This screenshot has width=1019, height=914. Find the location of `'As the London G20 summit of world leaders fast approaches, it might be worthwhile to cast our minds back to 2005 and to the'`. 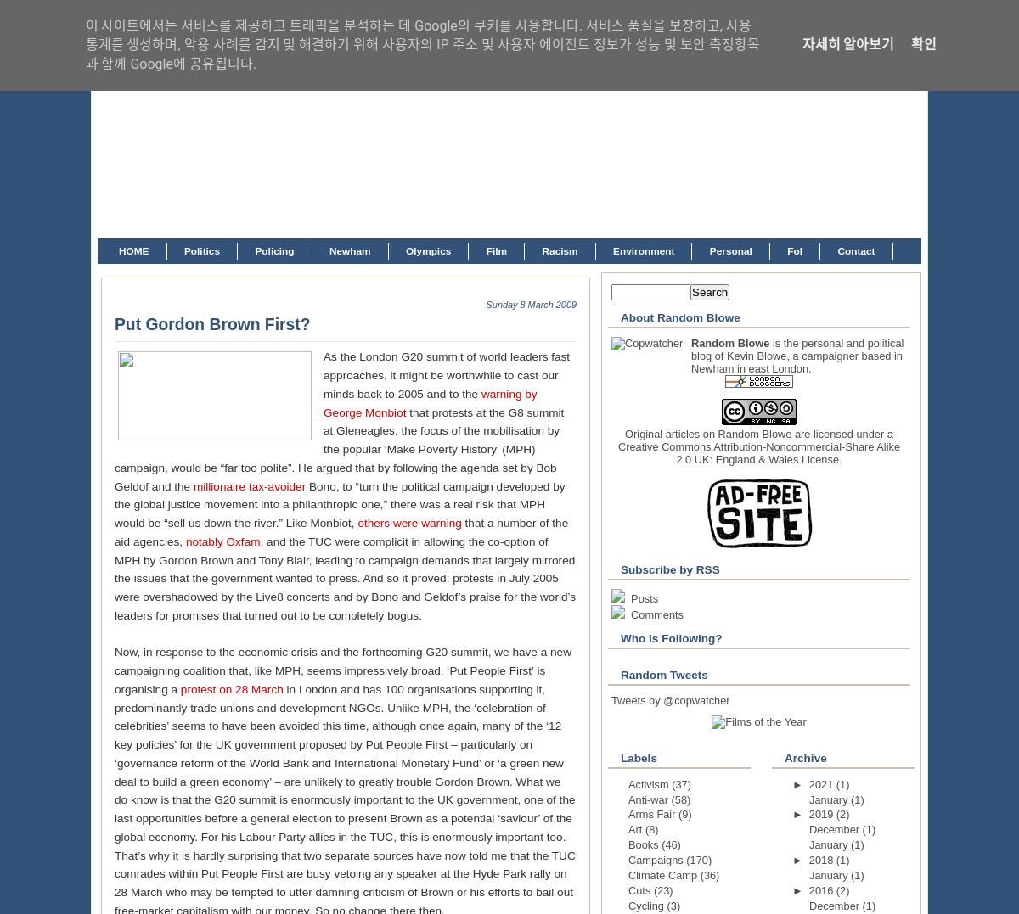

'As the London G20 summit of world leaders fast approaches, it might be worthwhile to cast our minds back to 2005 and to the' is located at coordinates (445, 374).